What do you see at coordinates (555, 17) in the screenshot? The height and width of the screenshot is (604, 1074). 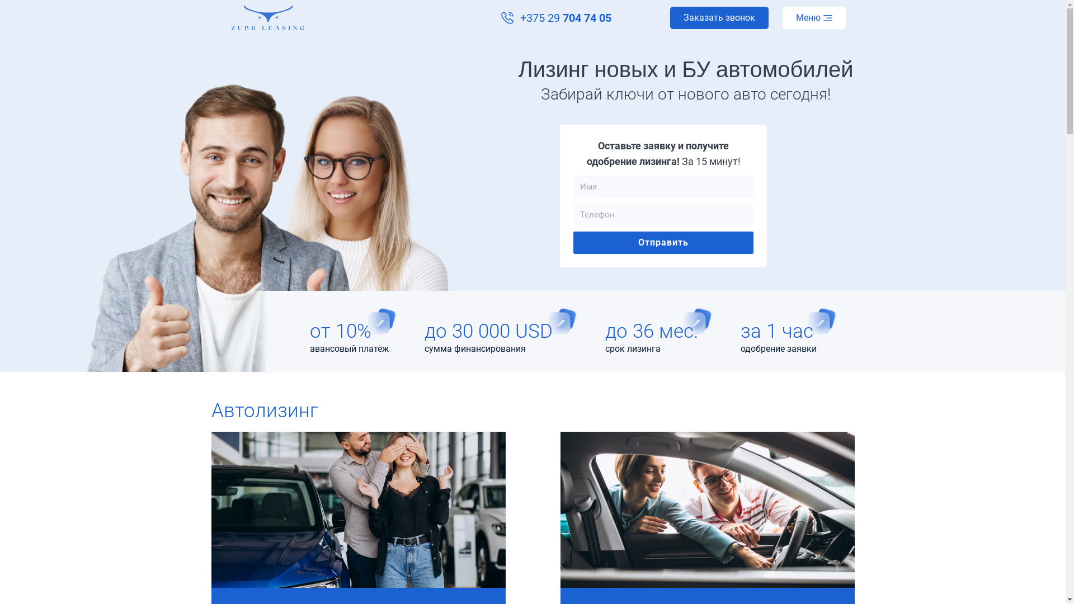 I see `'+375 29 704 74 05'` at bounding box center [555, 17].